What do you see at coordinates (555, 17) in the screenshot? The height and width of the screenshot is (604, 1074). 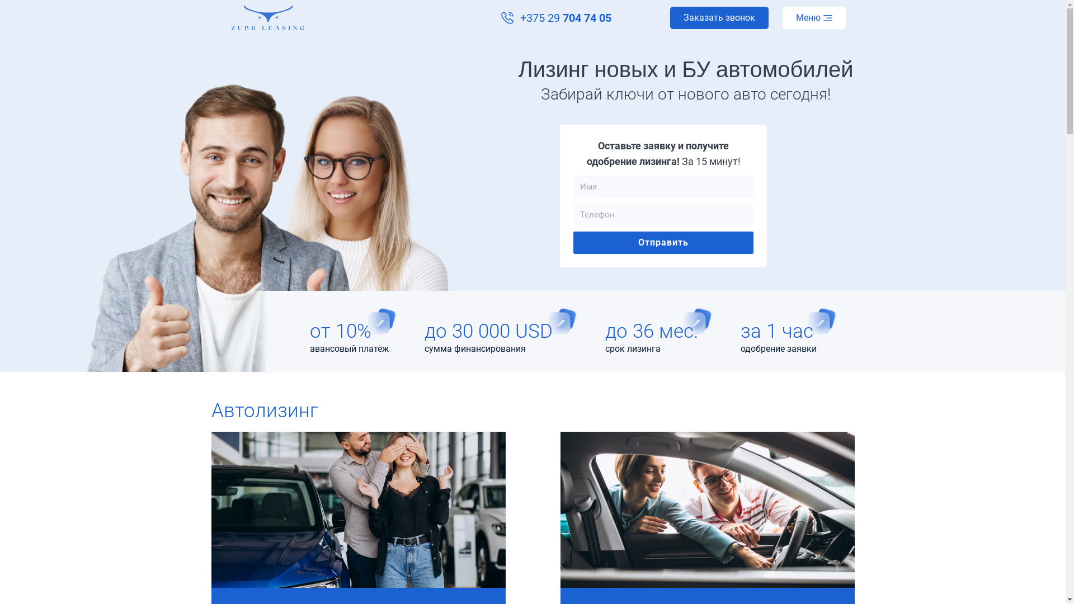 I see `'+375 29 704 74 05'` at bounding box center [555, 17].